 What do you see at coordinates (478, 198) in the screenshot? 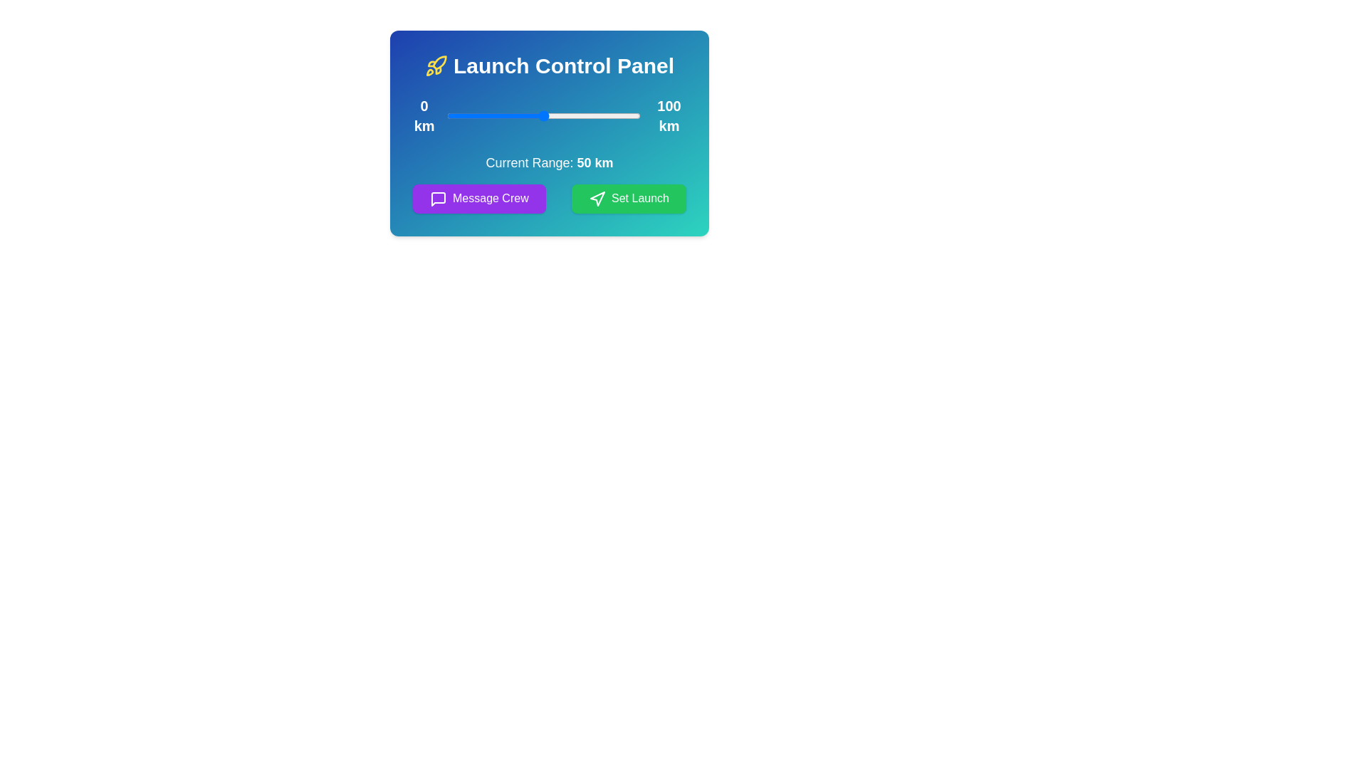
I see `'Message Crew' button to simulate sending a message` at bounding box center [478, 198].